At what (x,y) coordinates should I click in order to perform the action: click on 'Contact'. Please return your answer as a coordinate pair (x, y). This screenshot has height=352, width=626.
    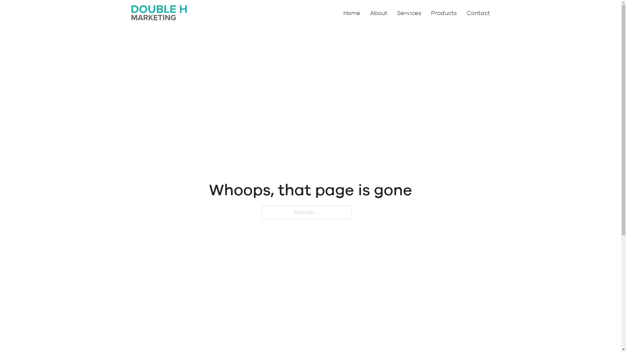
    Looking at the image, I should click on (478, 13).